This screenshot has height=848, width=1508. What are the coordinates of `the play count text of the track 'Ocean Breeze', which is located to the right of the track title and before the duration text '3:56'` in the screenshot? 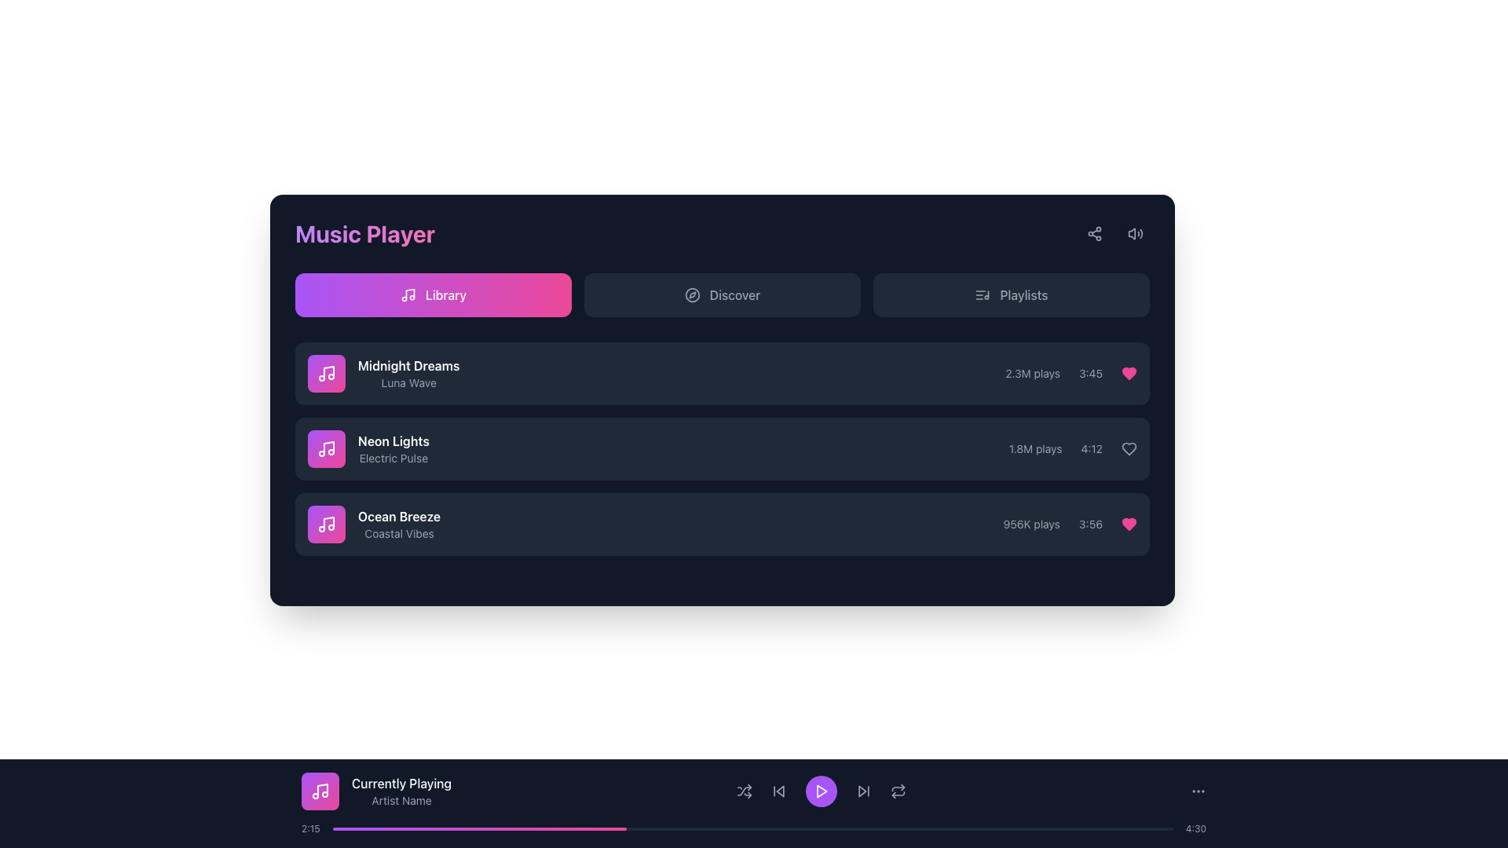 It's located at (1031, 524).